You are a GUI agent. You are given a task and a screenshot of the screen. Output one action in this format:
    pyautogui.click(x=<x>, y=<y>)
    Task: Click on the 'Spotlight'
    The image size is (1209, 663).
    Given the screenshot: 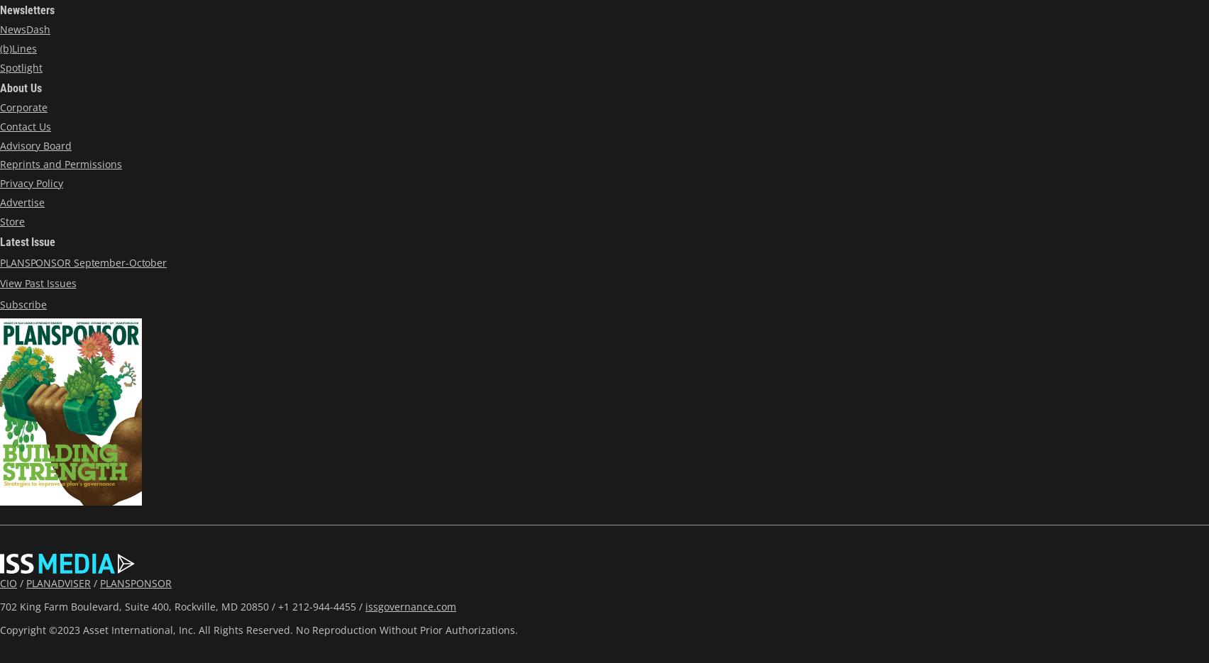 What is the action you would take?
    pyautogui.click(x=21, y=66)
    